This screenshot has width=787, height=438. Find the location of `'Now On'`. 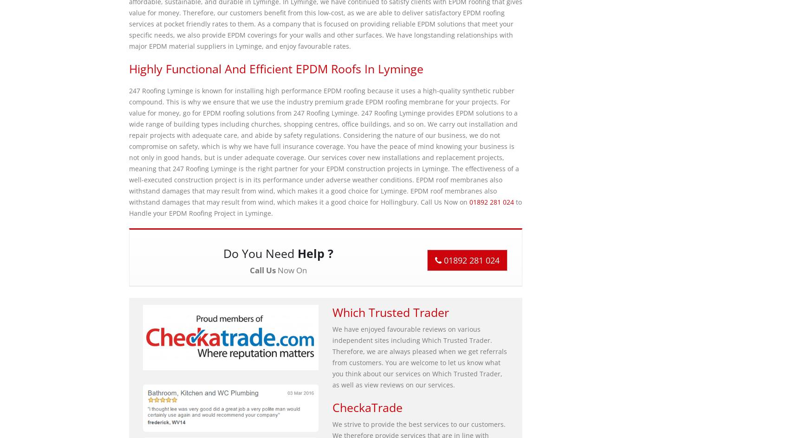

'Now On' is located at coordinates (291, 270).